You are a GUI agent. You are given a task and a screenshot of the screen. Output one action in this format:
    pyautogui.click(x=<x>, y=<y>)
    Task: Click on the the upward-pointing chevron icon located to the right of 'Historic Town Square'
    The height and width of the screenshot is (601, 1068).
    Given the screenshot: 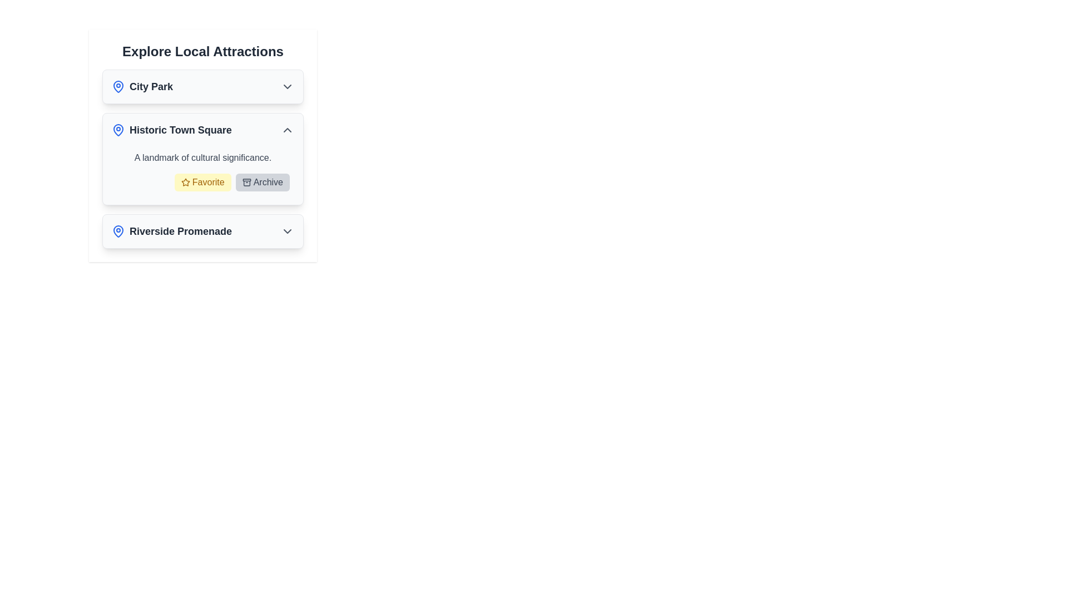 What is the action you would take?
    pyautogui.click(x=288, y=130)
    